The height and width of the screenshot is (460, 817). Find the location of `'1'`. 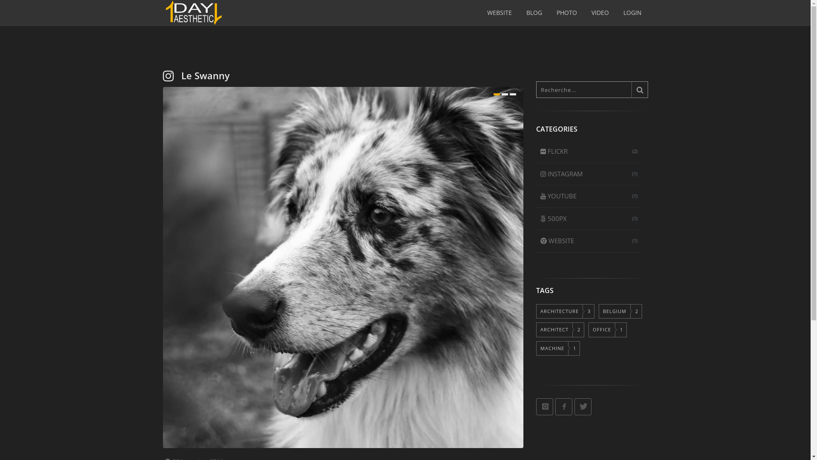

'1' is located at coordinates (497, 94).